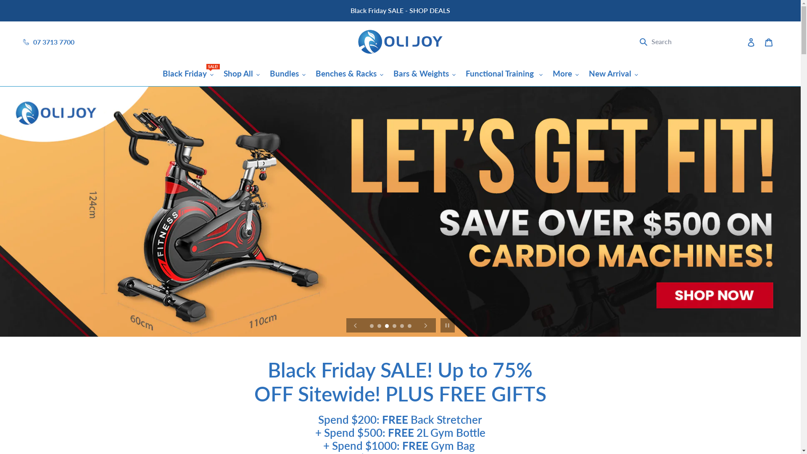 Image resolution: width=807 pixels, height=454 pixels. I want to click on 'Cart', so click(768, 42).